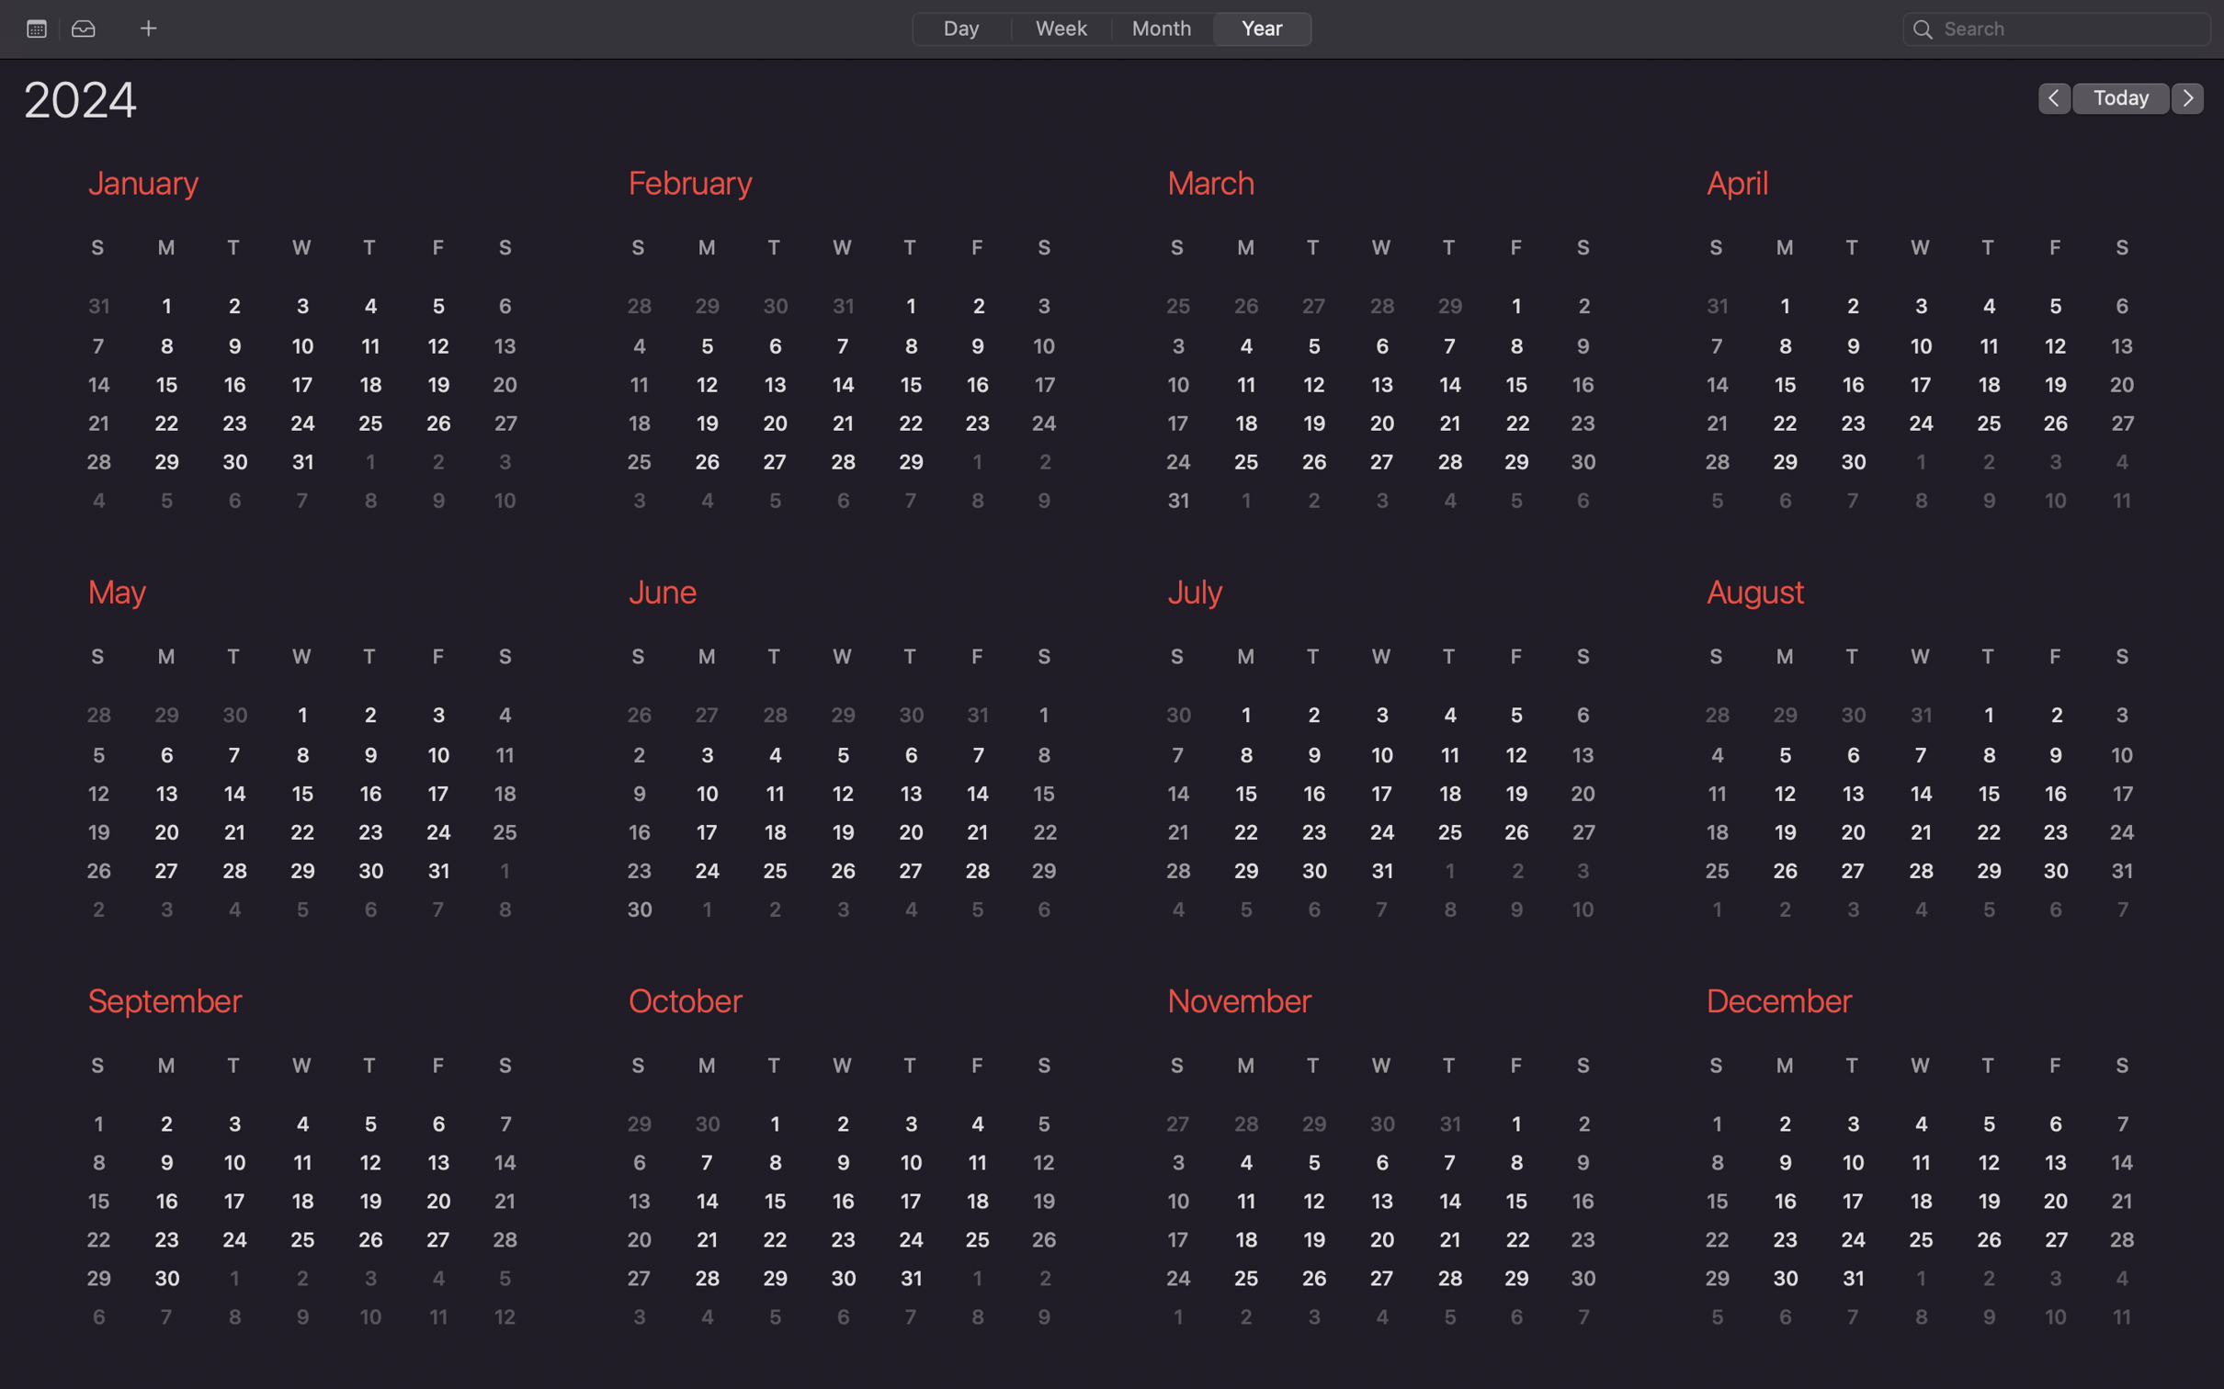  I want to click on Increase the visibility of the April month on the calendar, so click(1912, 340).